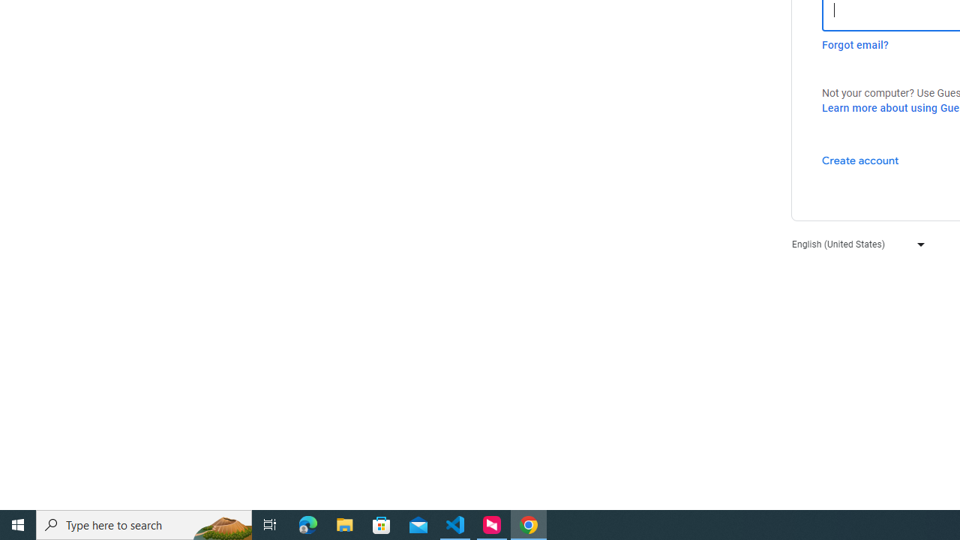 Image resolution: width=960 pixels, height=540 pixels. I want to click on 'Create account', so click(859, 160).